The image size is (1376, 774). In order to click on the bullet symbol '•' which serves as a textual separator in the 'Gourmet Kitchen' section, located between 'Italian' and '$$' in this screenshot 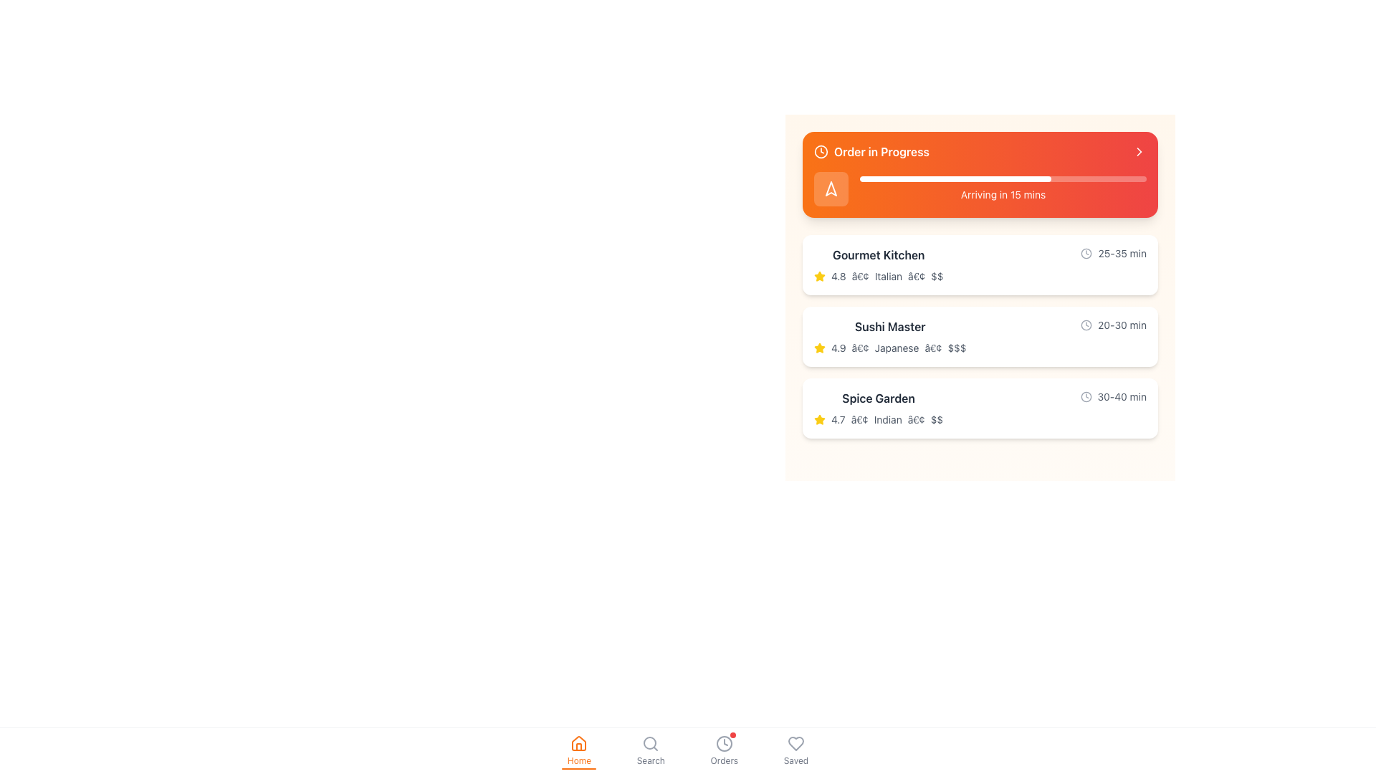, I will do `click(916, 276)`.